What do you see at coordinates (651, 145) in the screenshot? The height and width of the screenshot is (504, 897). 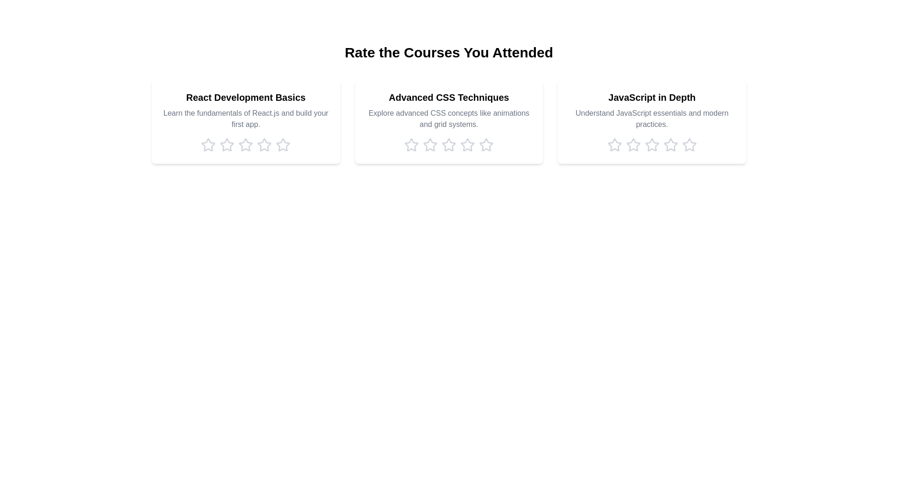 I see `the rating for the course 'JavaScript in Depth' to 3 stars` at bounding box center [651, 145].